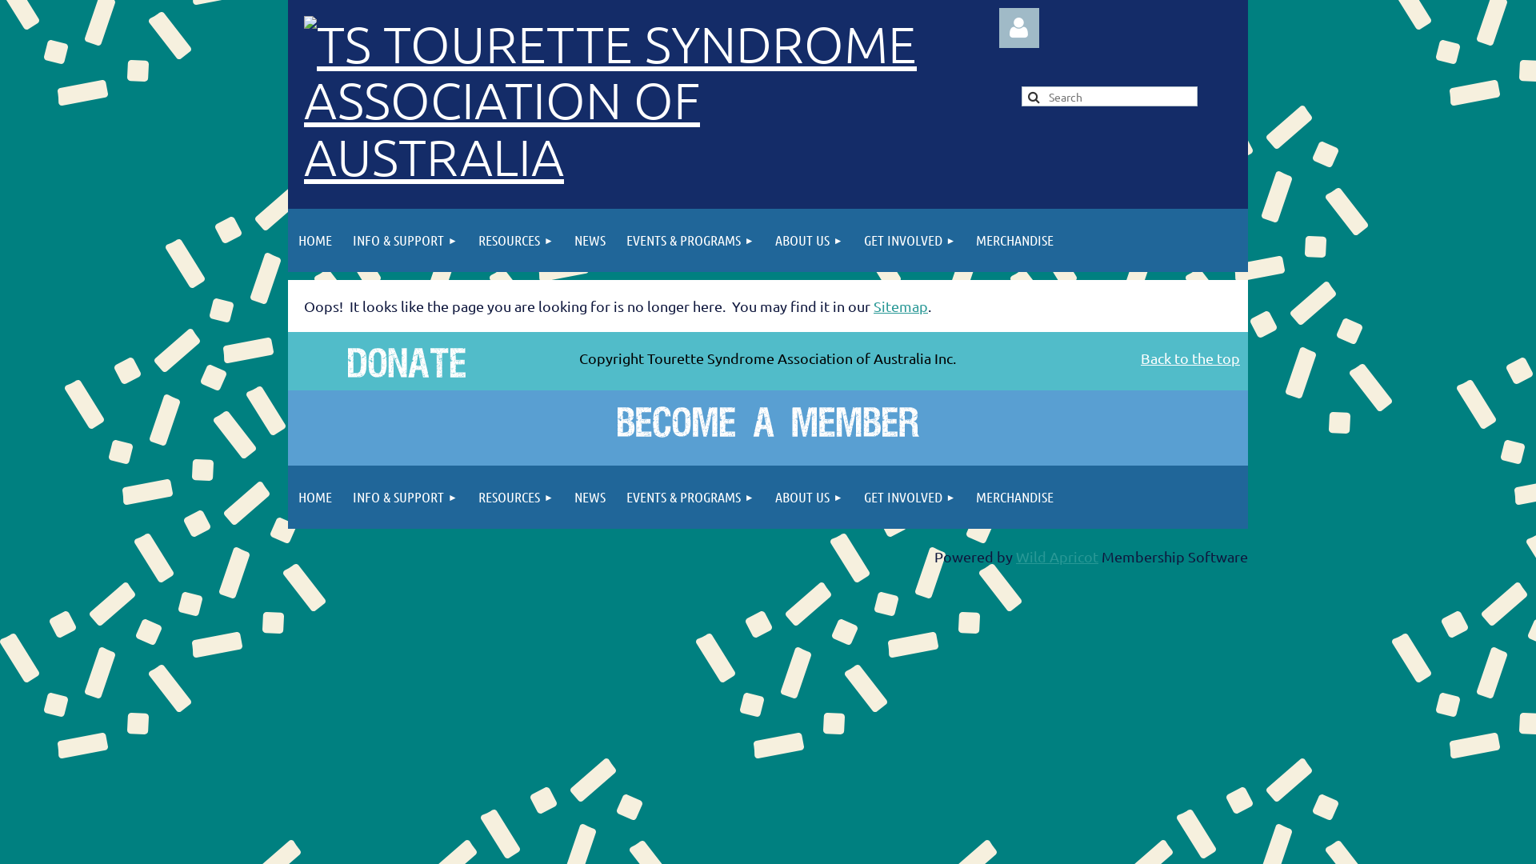 Image resolution: width=1536 pixels, height=864 pixels. Describe the element at coordinates (1190, 357) in the screenshot. I see `'Back to the top'` at that location.